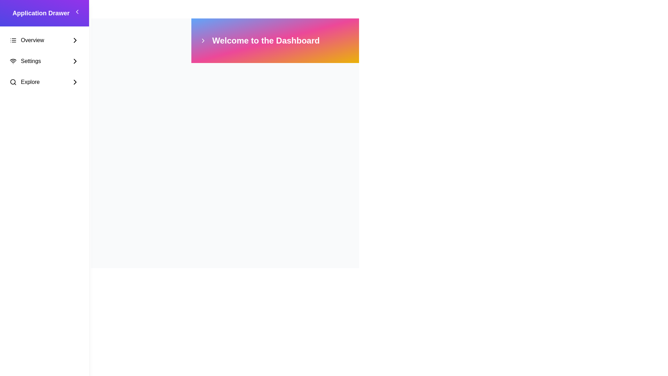  What do you see at coordinates (30, 61) in the screenshot?
I see `the 'Settings' text label in the left navigation menu` at bounding box center [30, 61].